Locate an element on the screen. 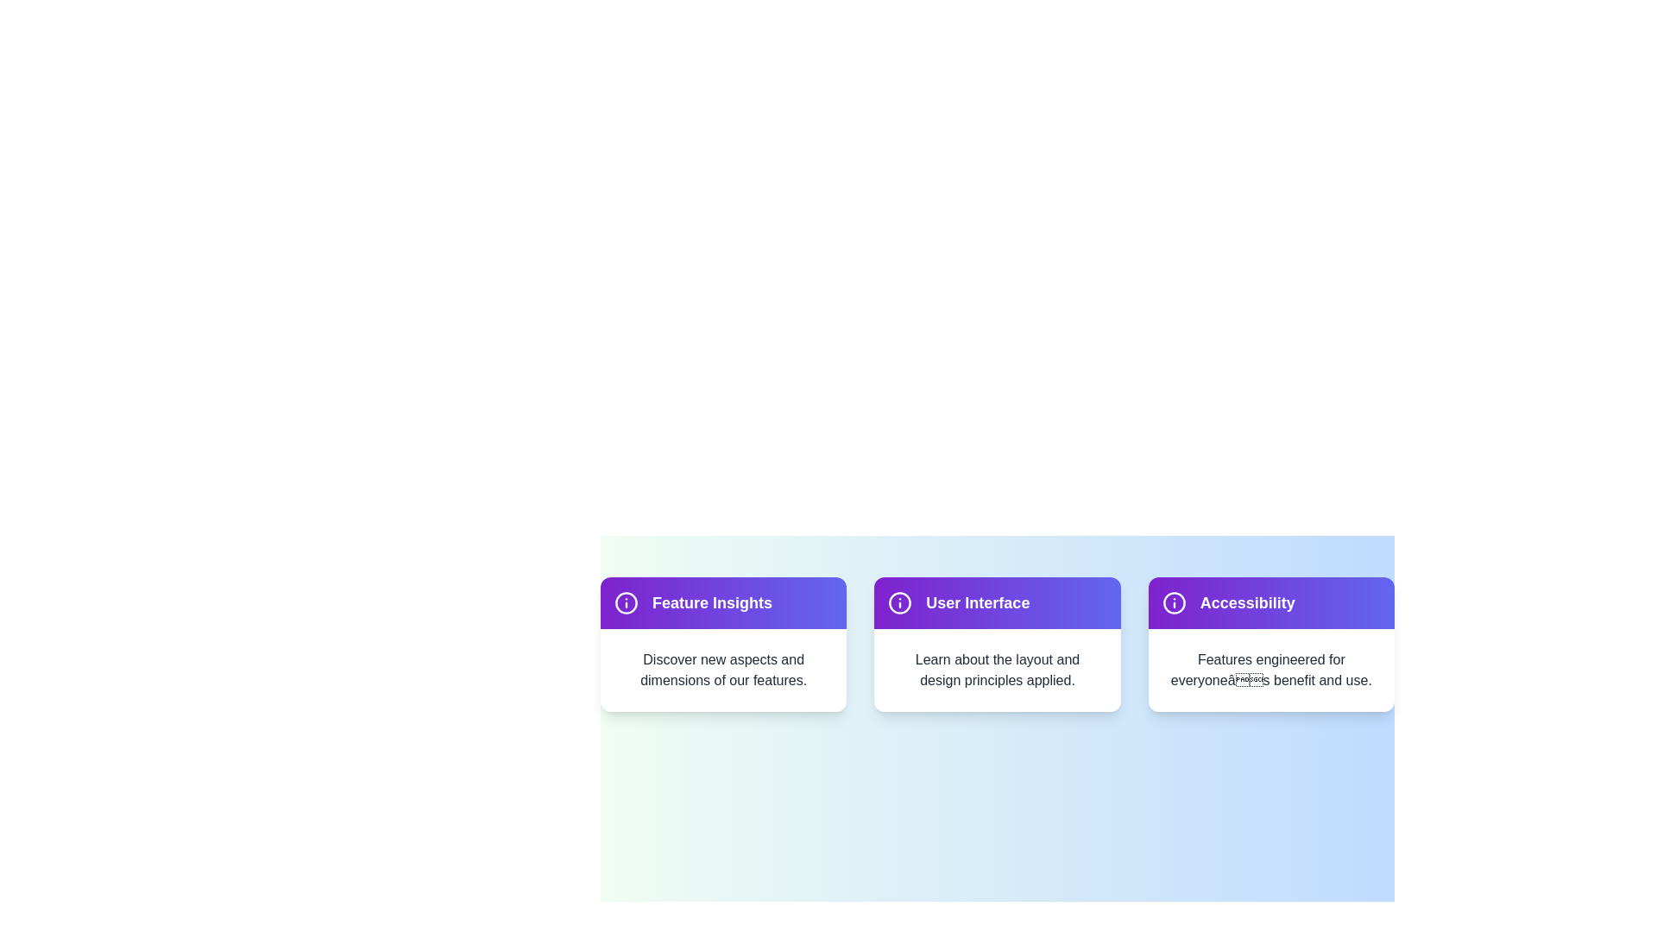  the Accessibility icon located in the header section of the Accessibility card, positioned to the left of the card's title text is located at coordinates (1174, 601).